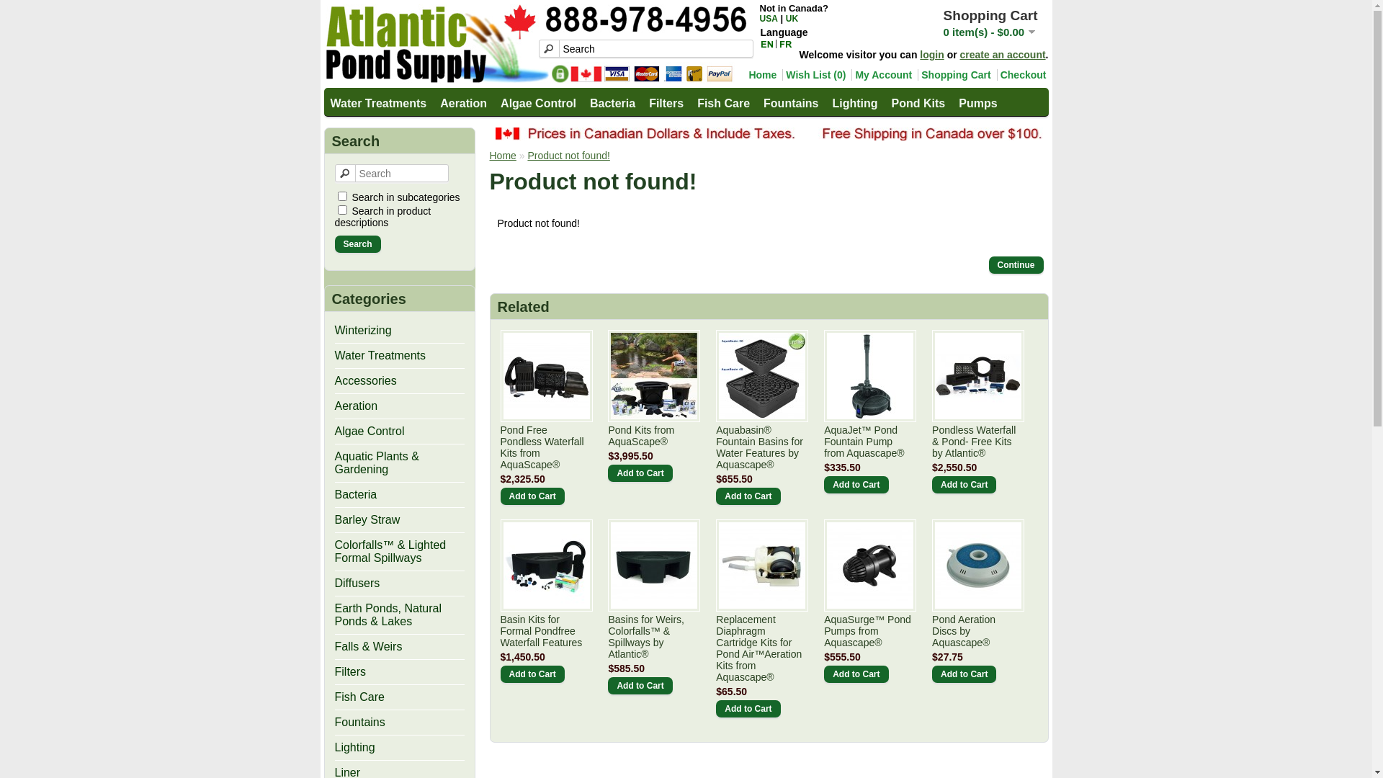  What do you see at coordinates (1002, 54) in the screenshot?
I see `'create an account'` at bounding box center [1002, 54].